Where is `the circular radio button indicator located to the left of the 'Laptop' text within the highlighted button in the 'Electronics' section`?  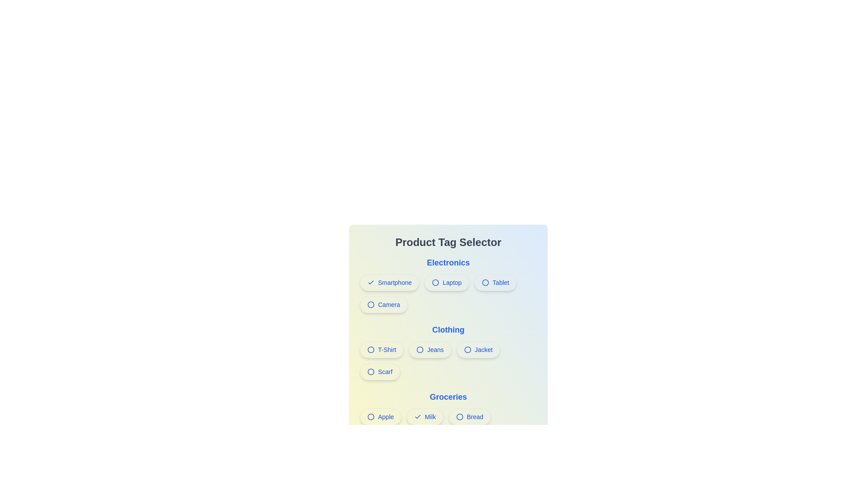
the circular radio button indicator located to the left of the 'Laptop' text within the highlighted button in the 'Electronics' section is located at coordinates (436, 283).